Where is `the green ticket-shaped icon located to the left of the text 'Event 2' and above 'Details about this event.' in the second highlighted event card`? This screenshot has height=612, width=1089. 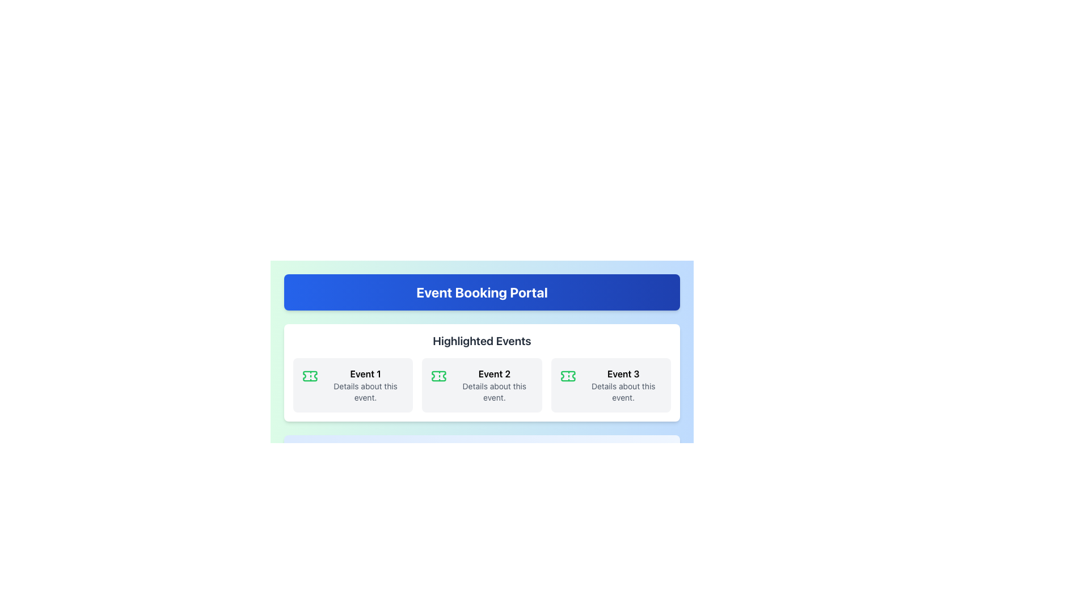
the green ticket-shaped icon located to the left of the text 'Event 2' and above 'Details about this event.' in the second highlighted event card is located at coordinates (438, 376).